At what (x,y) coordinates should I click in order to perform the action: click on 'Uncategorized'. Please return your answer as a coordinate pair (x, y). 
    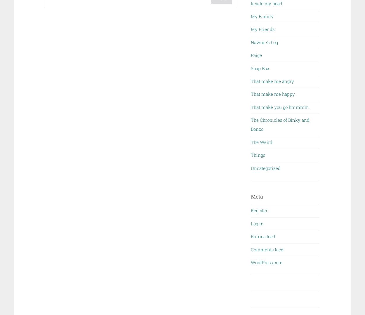
    Looking at the image, I should click on (266, 167).